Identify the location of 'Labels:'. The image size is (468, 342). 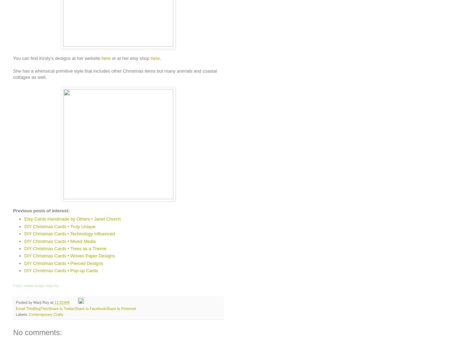
(22, 314).